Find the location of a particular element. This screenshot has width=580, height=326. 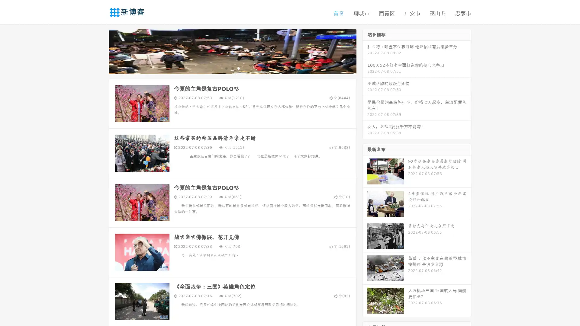

Go to slide 3 is located at coordinates (238, 68).